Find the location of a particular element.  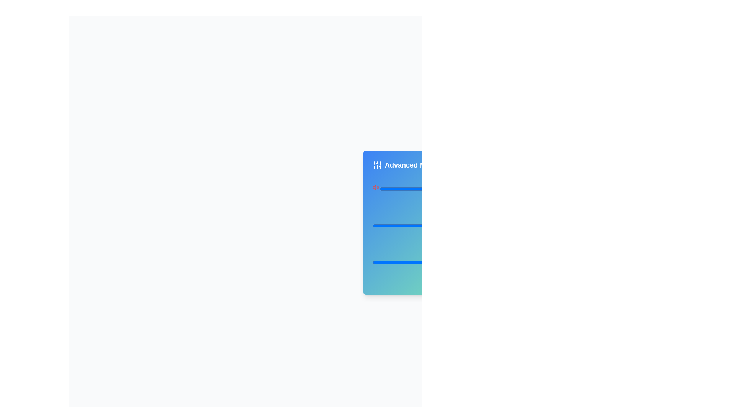

the slider value is located at coordinates (453, 186).